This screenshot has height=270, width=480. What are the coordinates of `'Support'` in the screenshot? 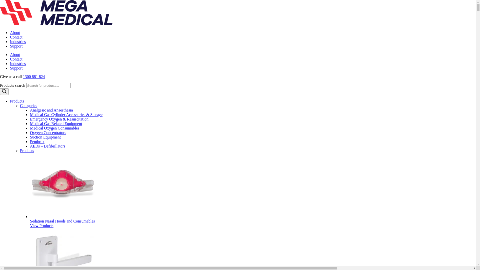 It's located at (16, 68).